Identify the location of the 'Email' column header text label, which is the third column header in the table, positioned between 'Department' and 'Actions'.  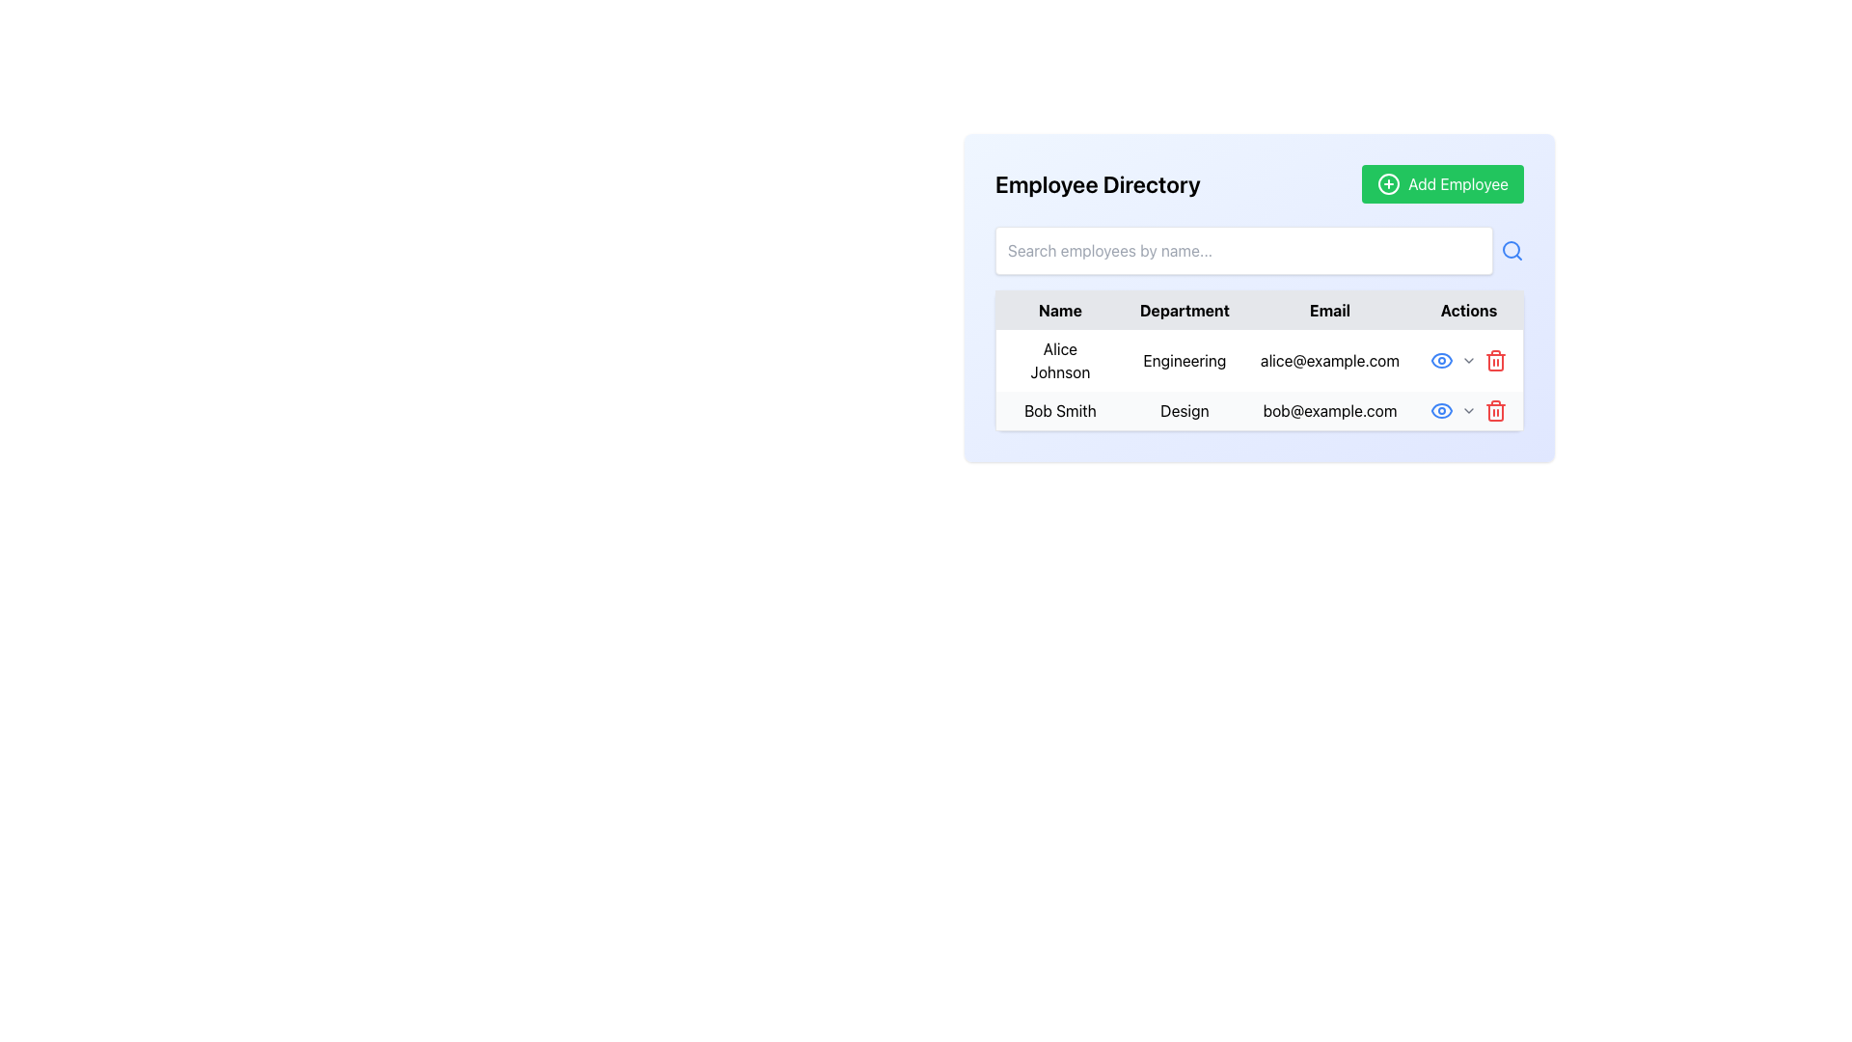
(1328, 309).